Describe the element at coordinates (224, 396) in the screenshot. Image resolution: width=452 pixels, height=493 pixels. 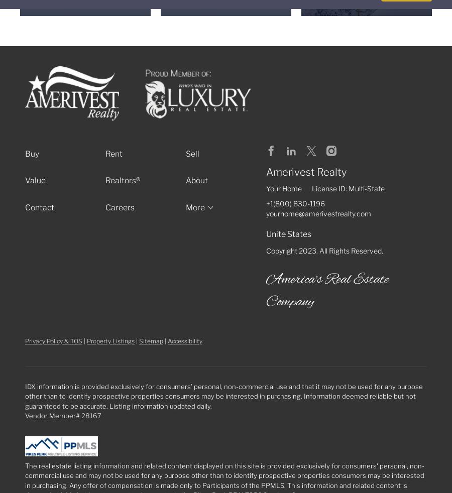
I see `'IDX information is provided exclusively for consumers’ personal, non-commercial use and that it may not be used for any purpose other than to identify prospective properties consumers may be interested in purchasing. Information deemed reliable but not guaranteed to be accurate. Listing information updated daily.'` at that location.